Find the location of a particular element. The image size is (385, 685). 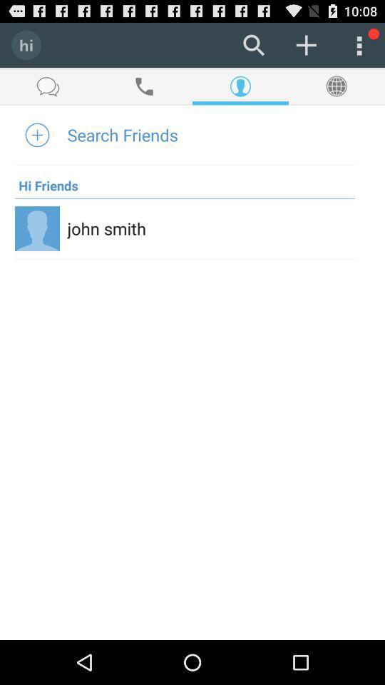

the item above the hi friends is located at coordinates (123, 134).